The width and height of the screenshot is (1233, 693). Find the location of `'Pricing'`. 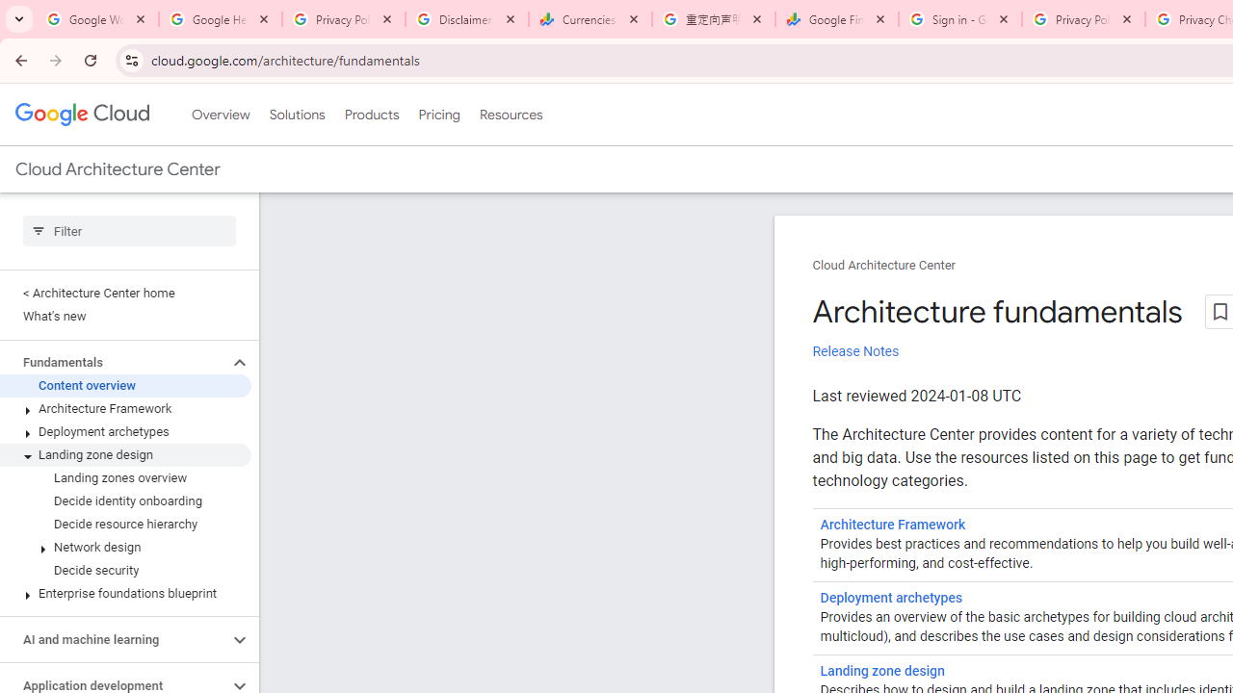

'Pricing' is located at coordinates (437, 115).